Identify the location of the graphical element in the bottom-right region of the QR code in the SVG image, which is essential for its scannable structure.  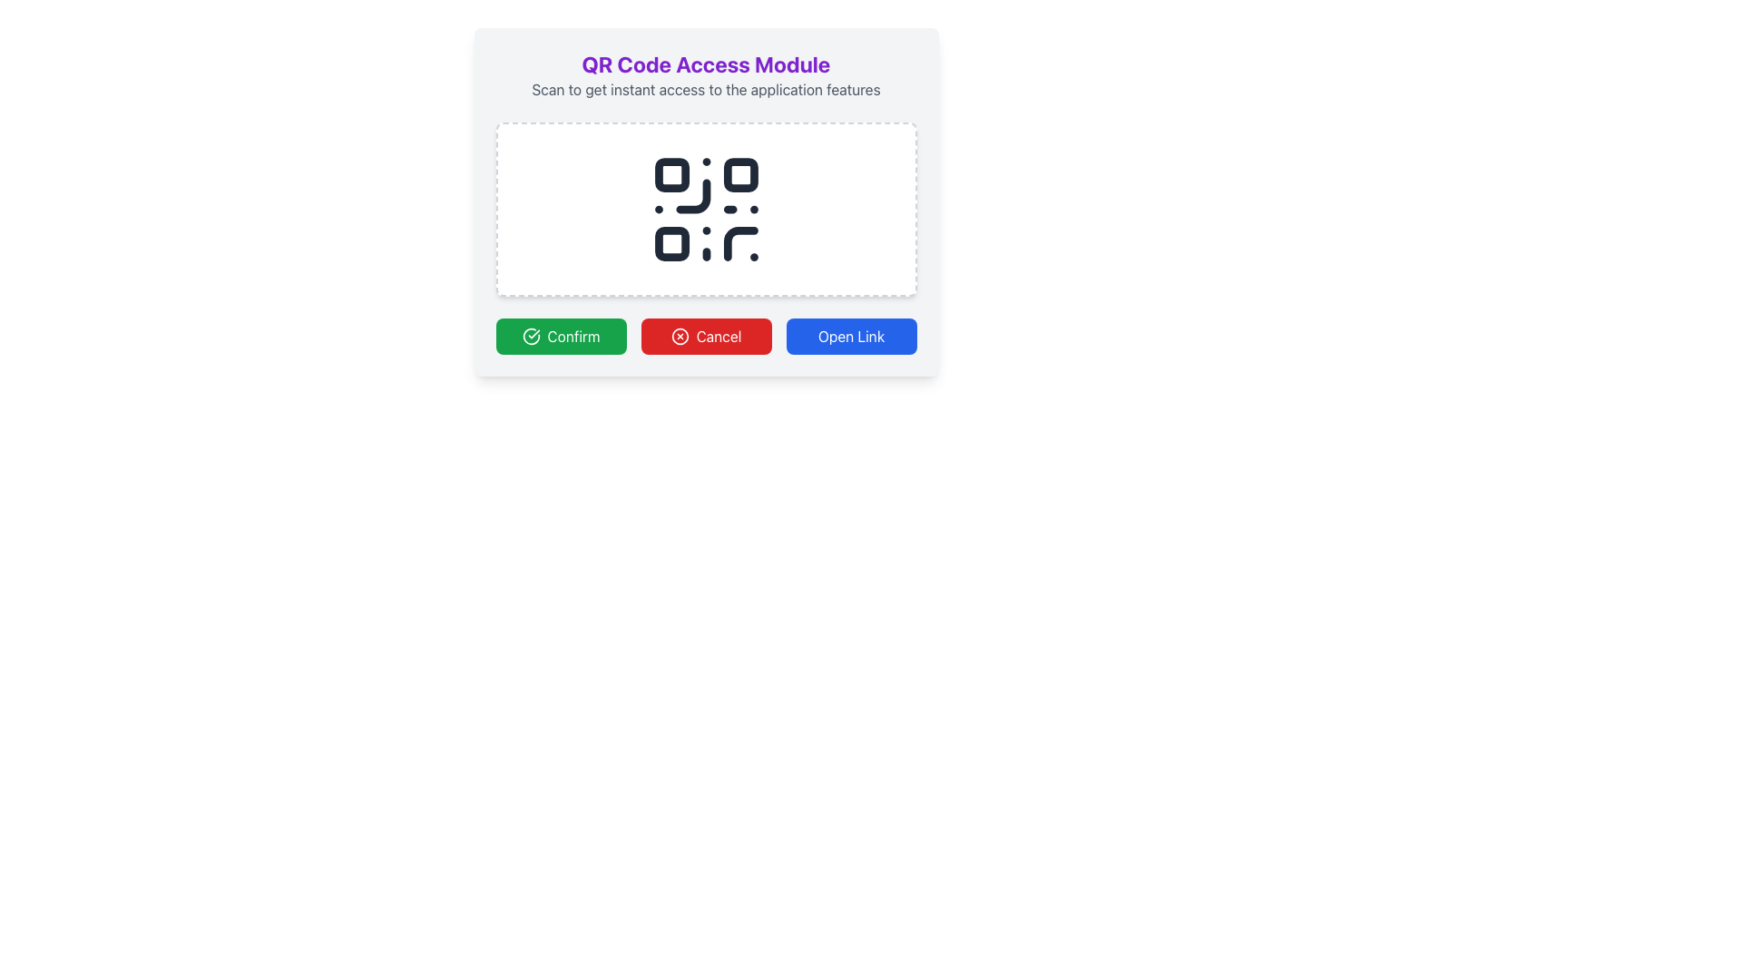
(740, 242).